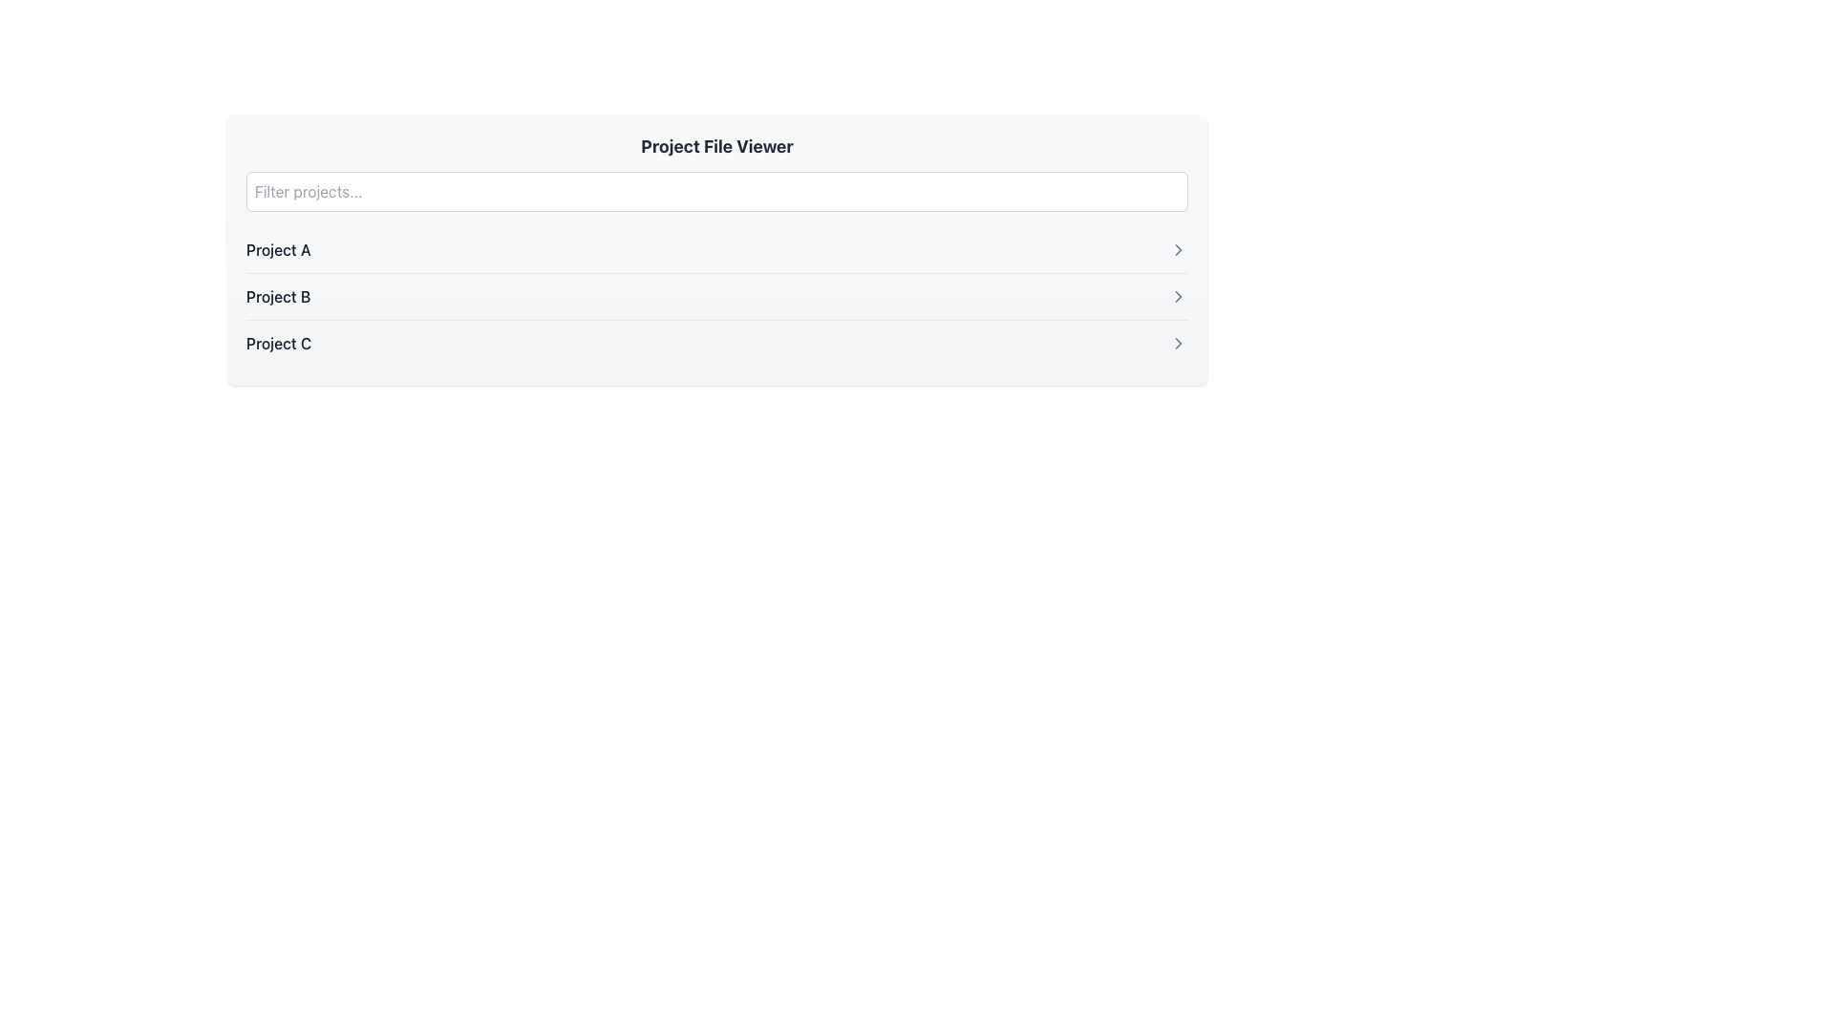 This screenshot has height=1031, width=1834. I want to click on the right-pointing chevron icon with a thin gray outline located to the far right of the list item labeled 'Project B', so click(1177, 297).